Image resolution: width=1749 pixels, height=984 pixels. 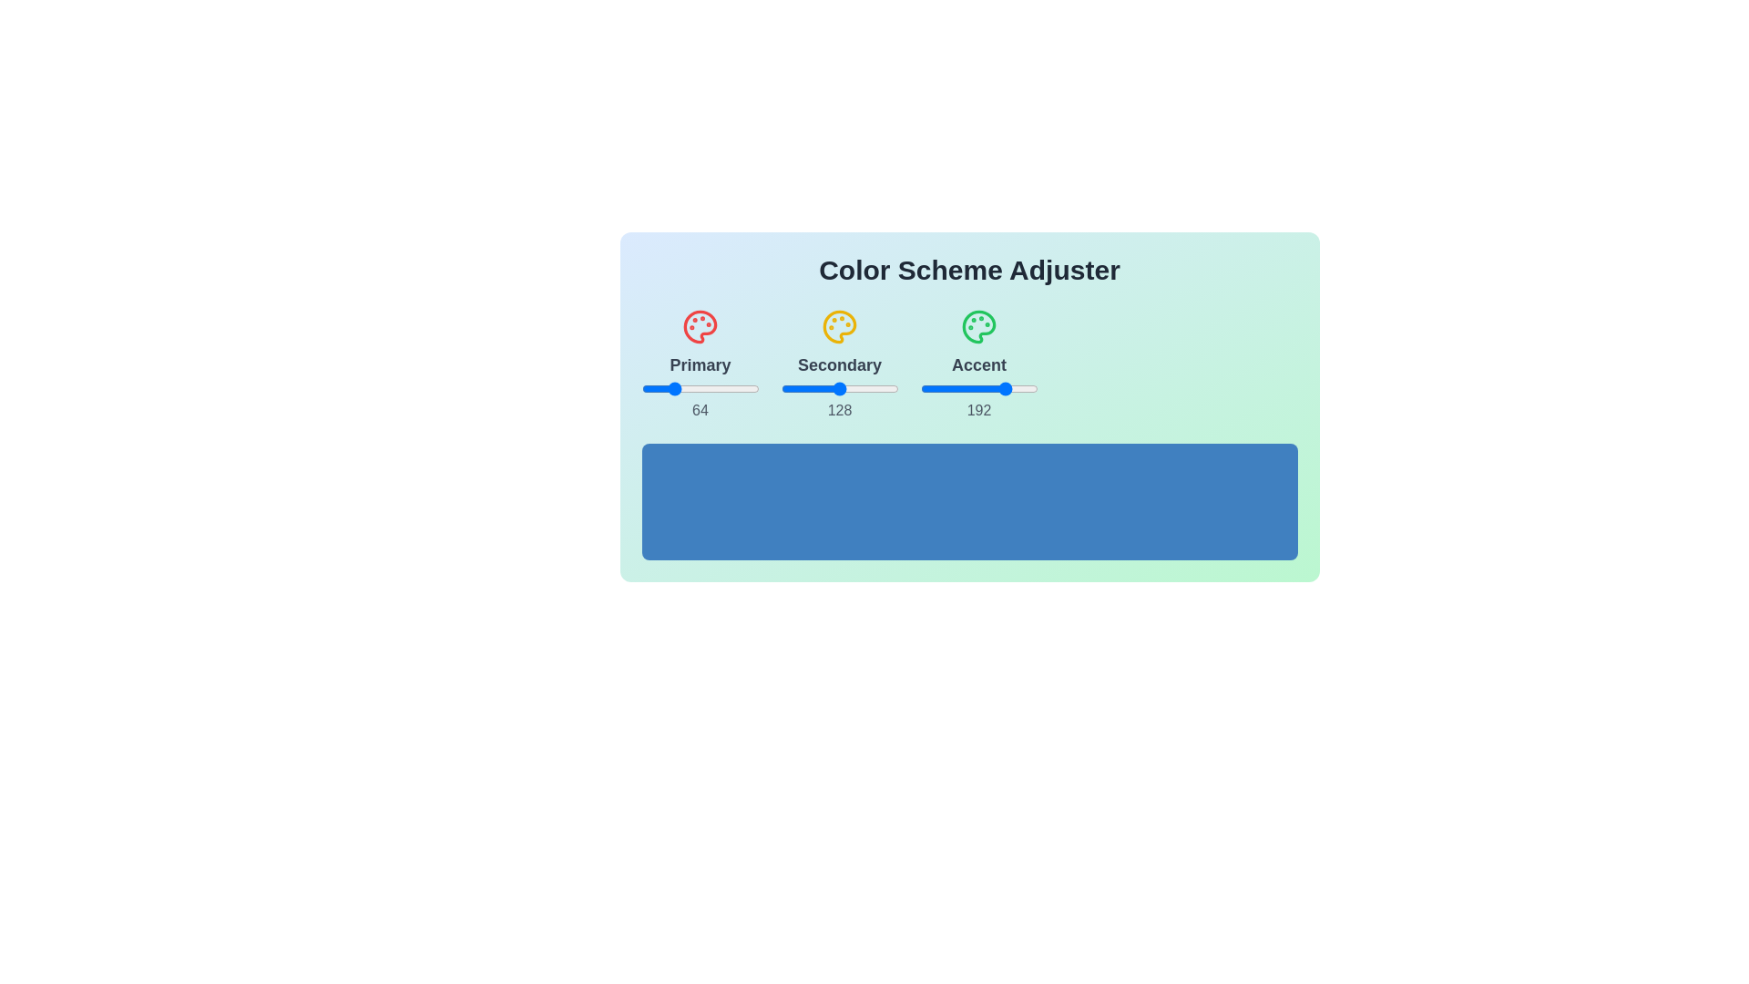 What do you see at coordinates (759, 388) in the screenshot?
I see `the 0 slider to 127` at bounding box center [759, 388].